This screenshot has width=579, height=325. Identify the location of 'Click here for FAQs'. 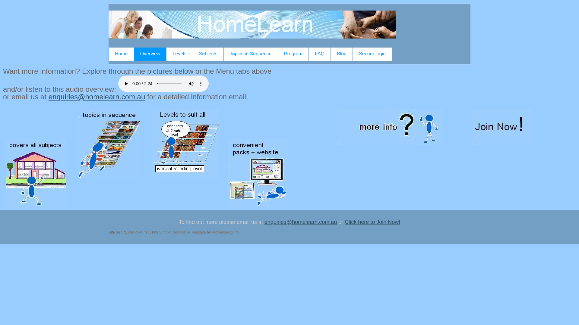
(389, 126).